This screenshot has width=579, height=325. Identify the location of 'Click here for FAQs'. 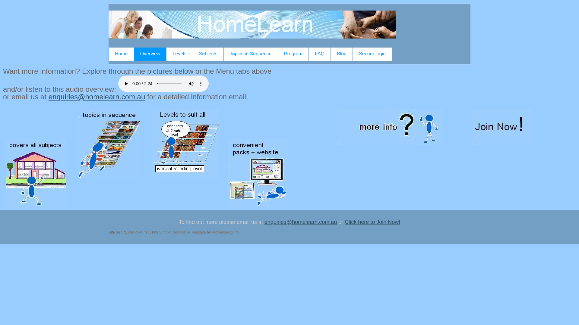
(389, 126).